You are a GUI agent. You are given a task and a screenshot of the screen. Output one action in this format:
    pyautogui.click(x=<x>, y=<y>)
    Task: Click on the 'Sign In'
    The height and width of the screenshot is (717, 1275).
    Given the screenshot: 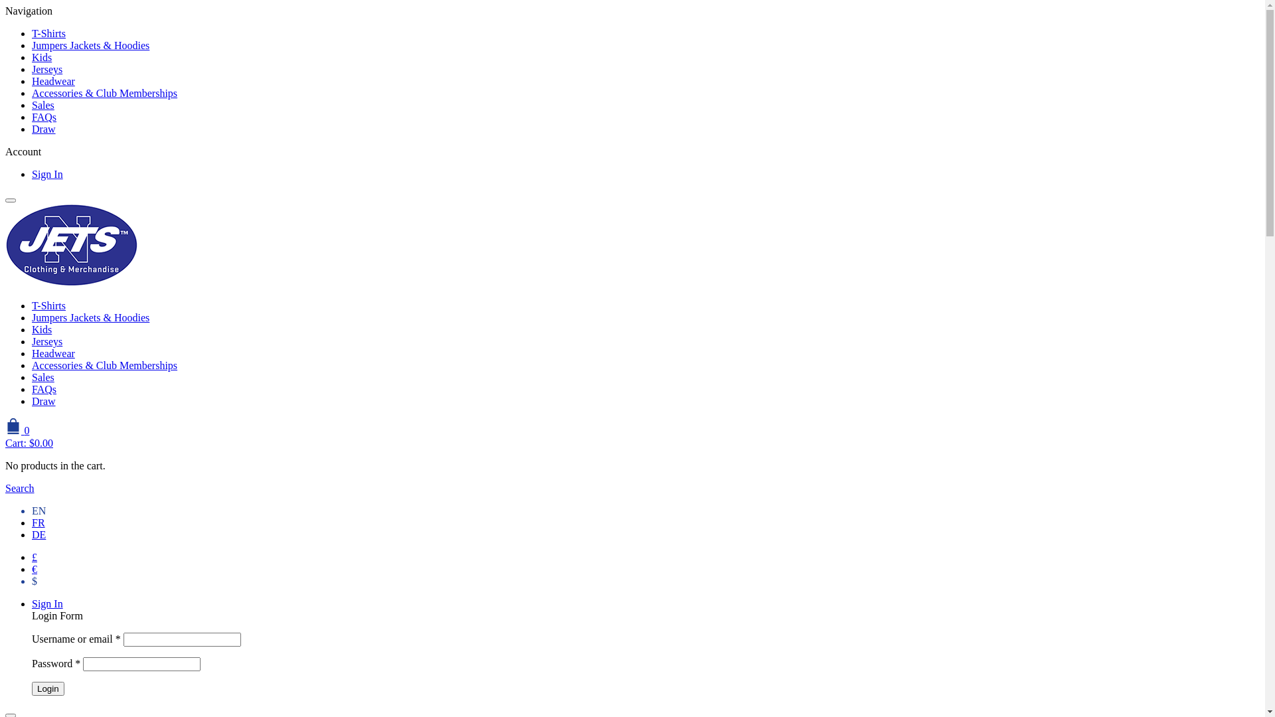 What is the action you would take?
    pyautogui.click(x=47, y=603)
    